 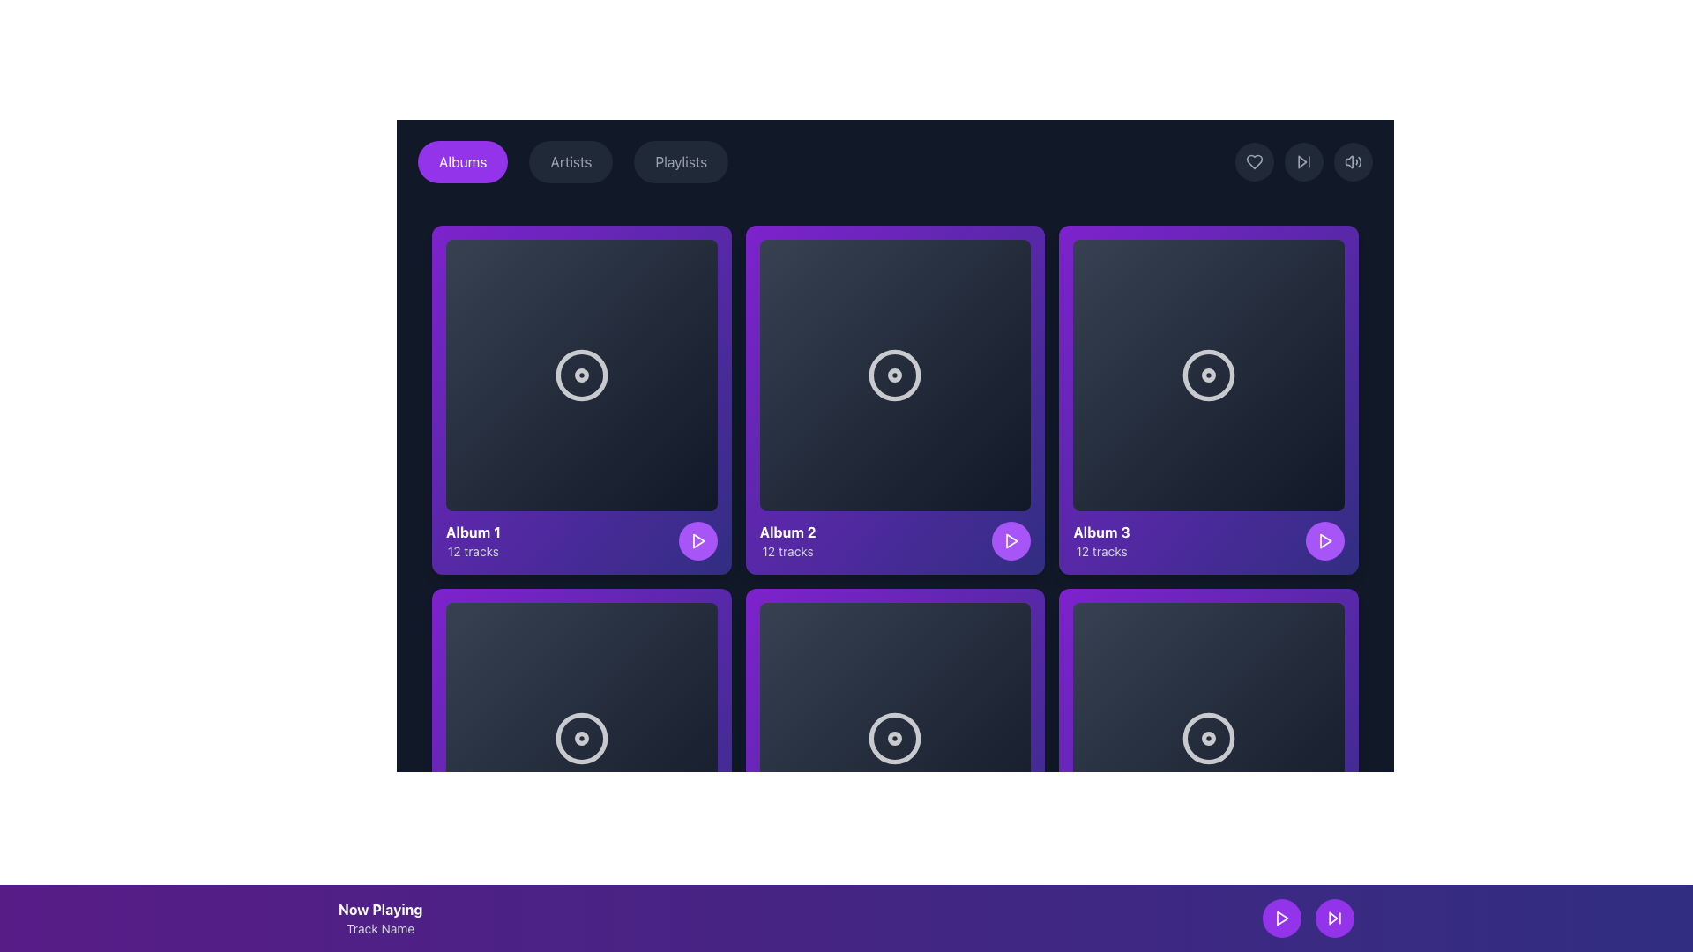 I want to click on the small circular static decorative element (SVG circle) at the center of the compact disc icon in the lower-left tile of the album cover grid layout, so click(x=581, y=738).